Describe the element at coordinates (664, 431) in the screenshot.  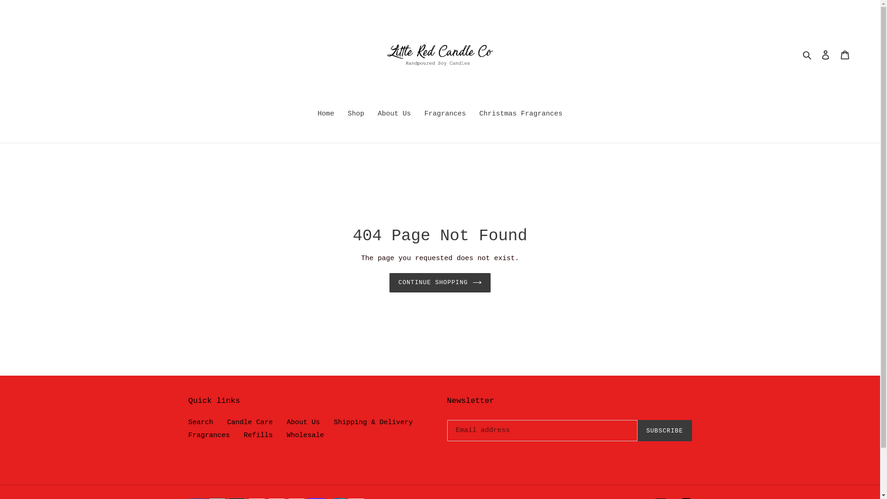
I see `'SUBSCRIBE'` at that location.